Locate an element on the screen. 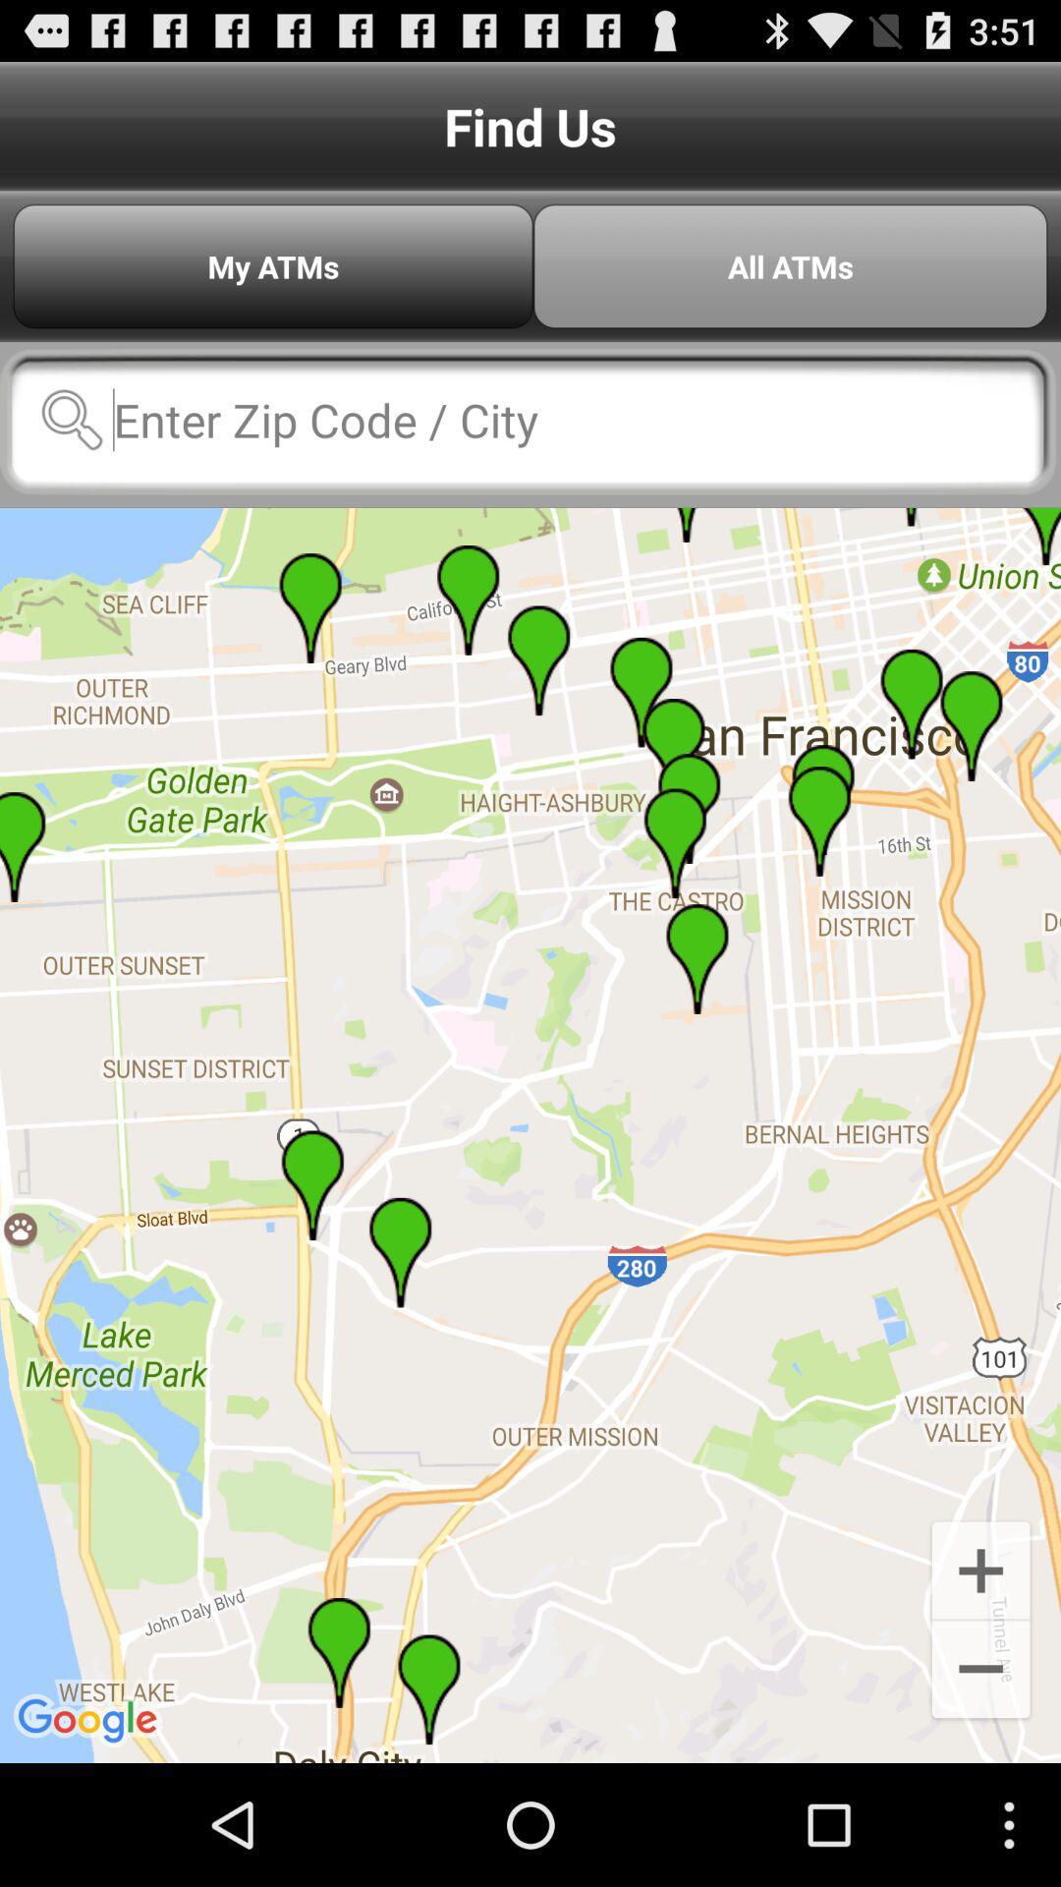 The image size is (1061, 1887). zip code or city search box is located at coordinates (528, 419).